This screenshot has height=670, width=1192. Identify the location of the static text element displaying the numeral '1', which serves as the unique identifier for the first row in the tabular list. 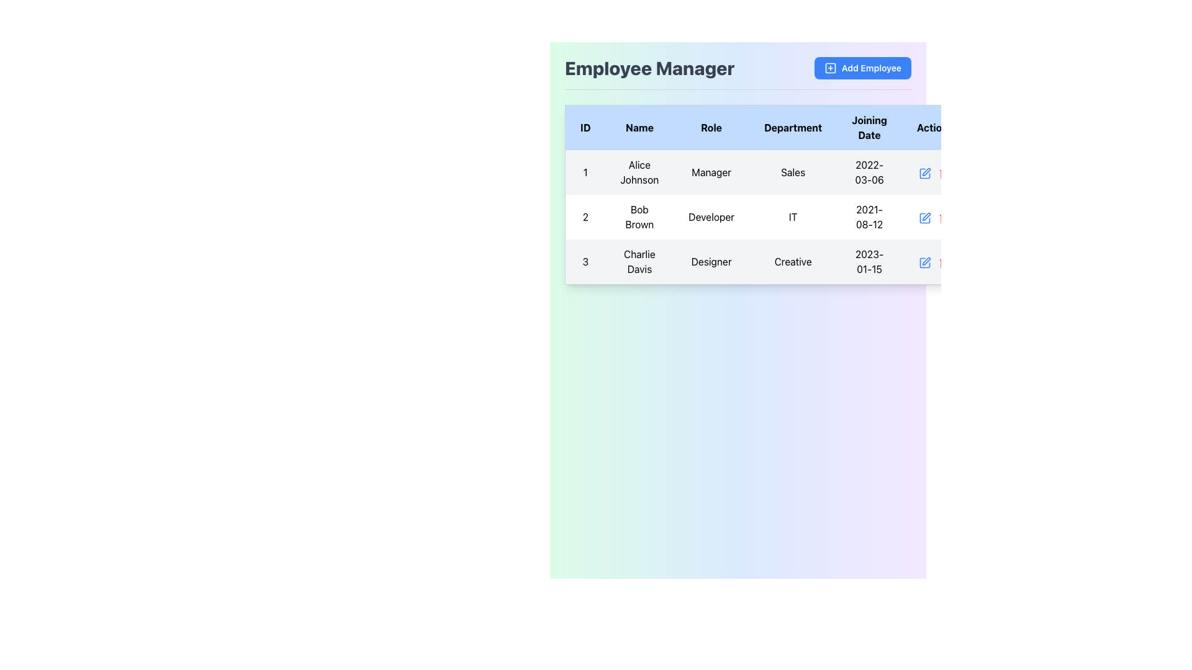
(584, 172).